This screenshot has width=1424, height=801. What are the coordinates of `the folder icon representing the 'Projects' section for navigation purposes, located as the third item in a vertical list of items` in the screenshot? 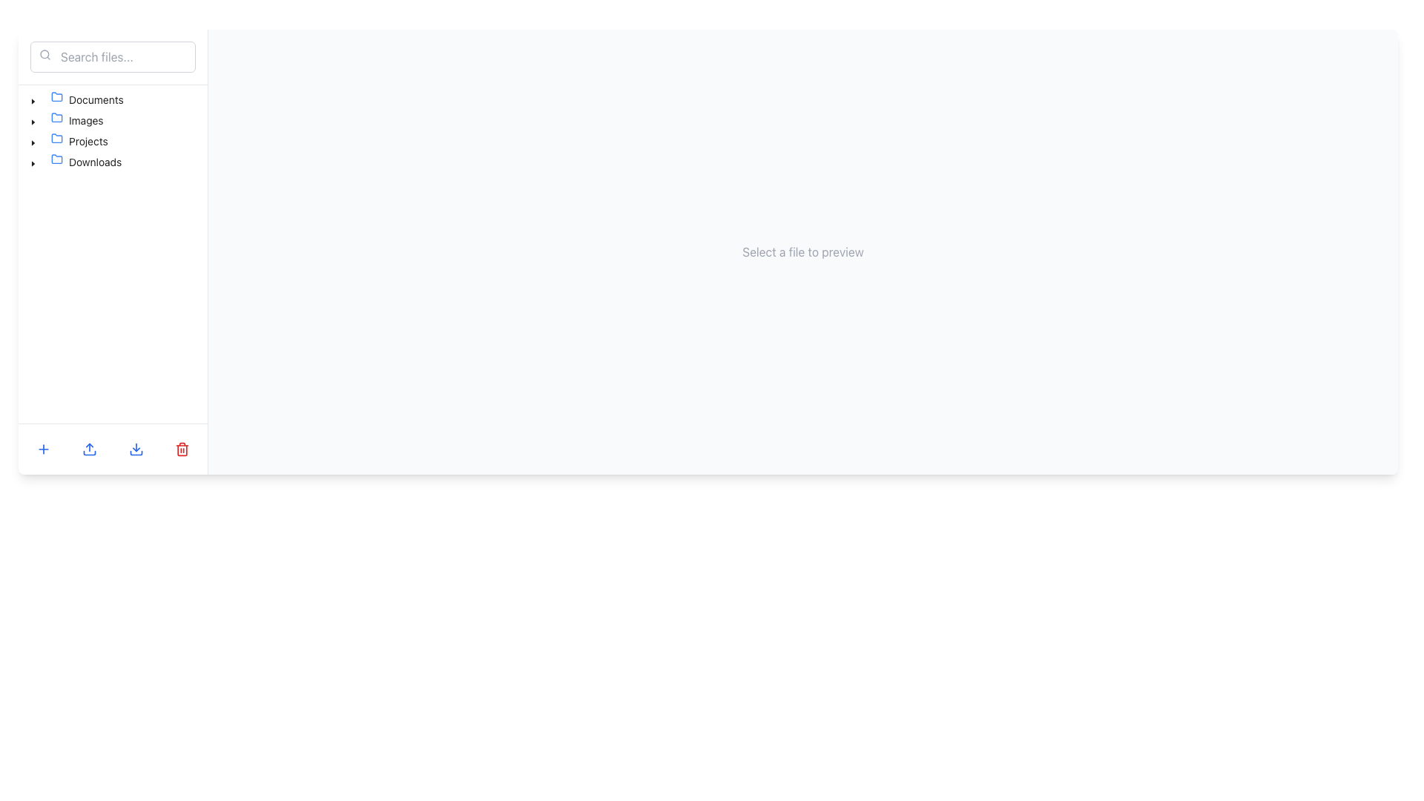 It's located at (56, 137).